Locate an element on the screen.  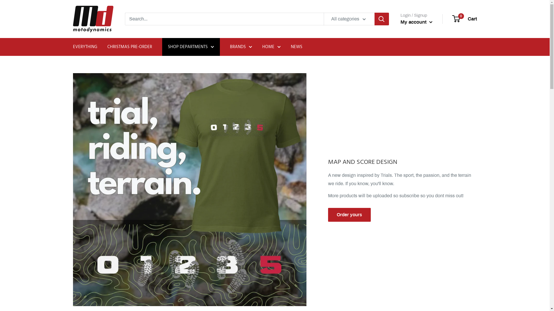
'NEWS' is located at coordinates (296, 46).